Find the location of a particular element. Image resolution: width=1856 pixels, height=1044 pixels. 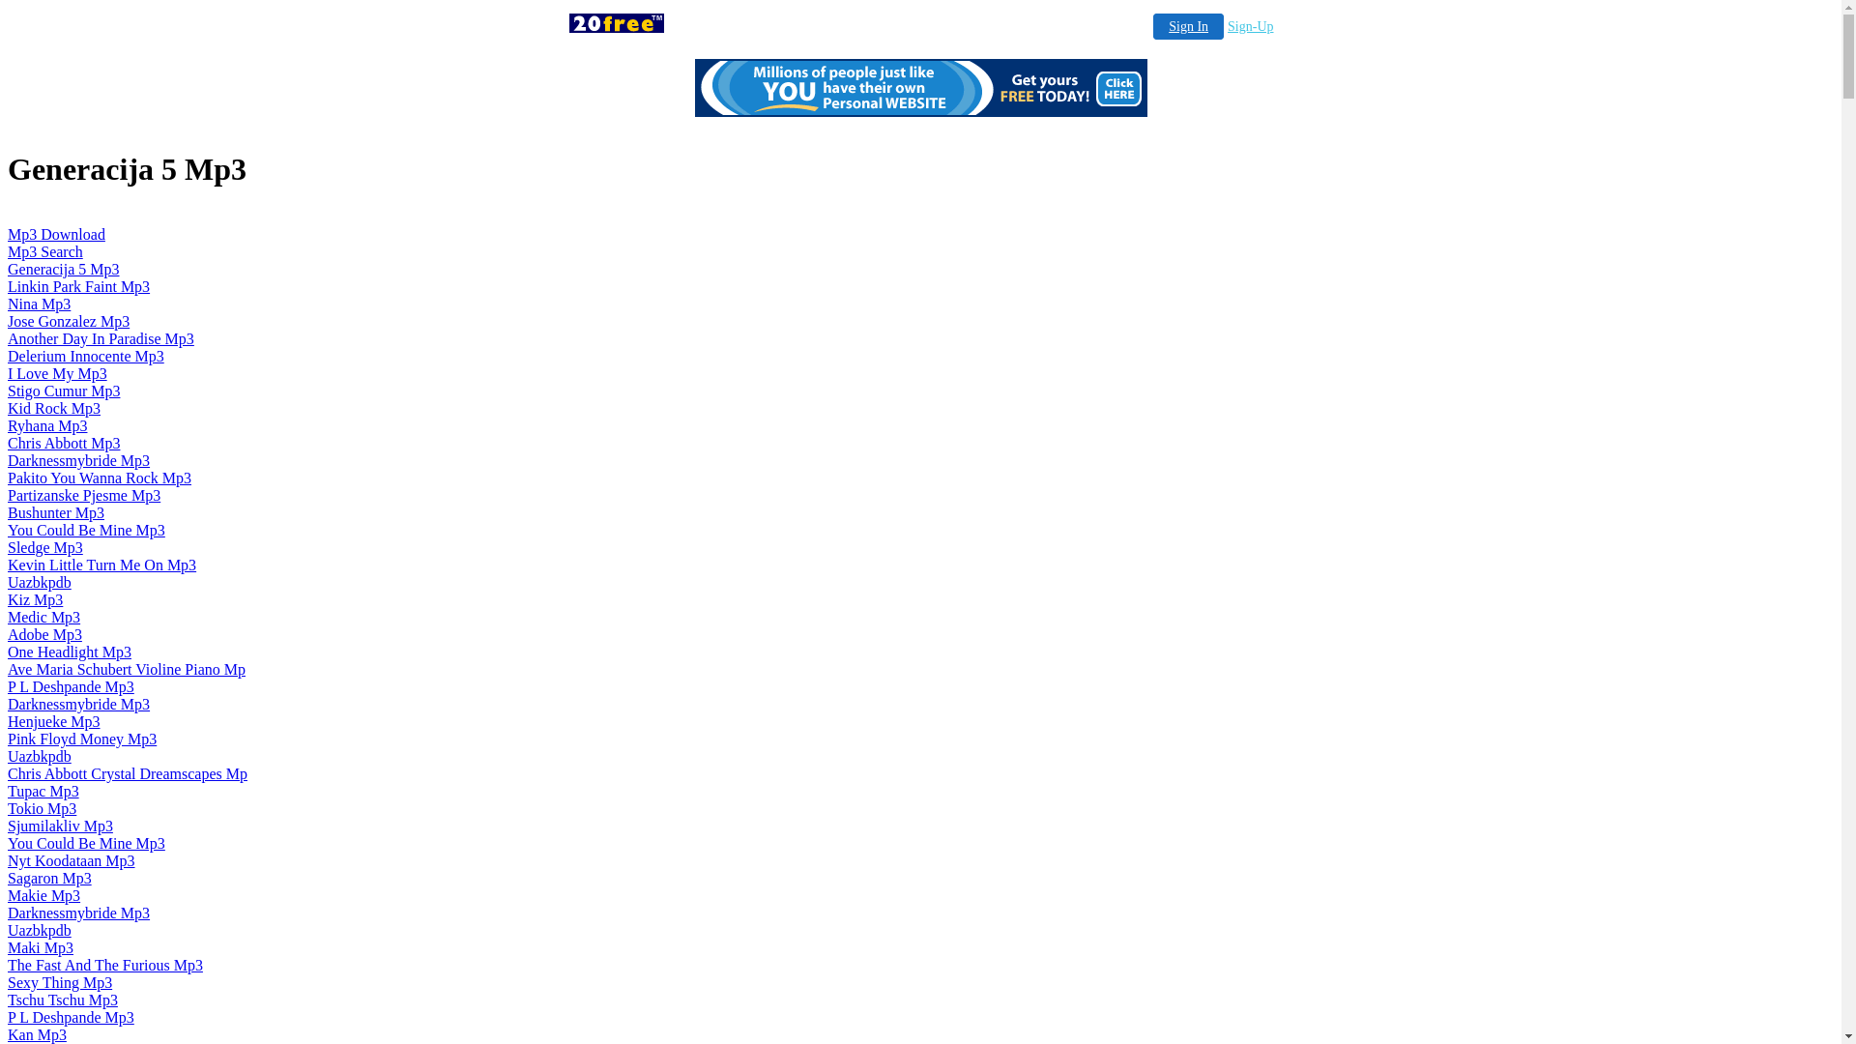

'Kan Mp3' is located at coordinates (37, 1033).